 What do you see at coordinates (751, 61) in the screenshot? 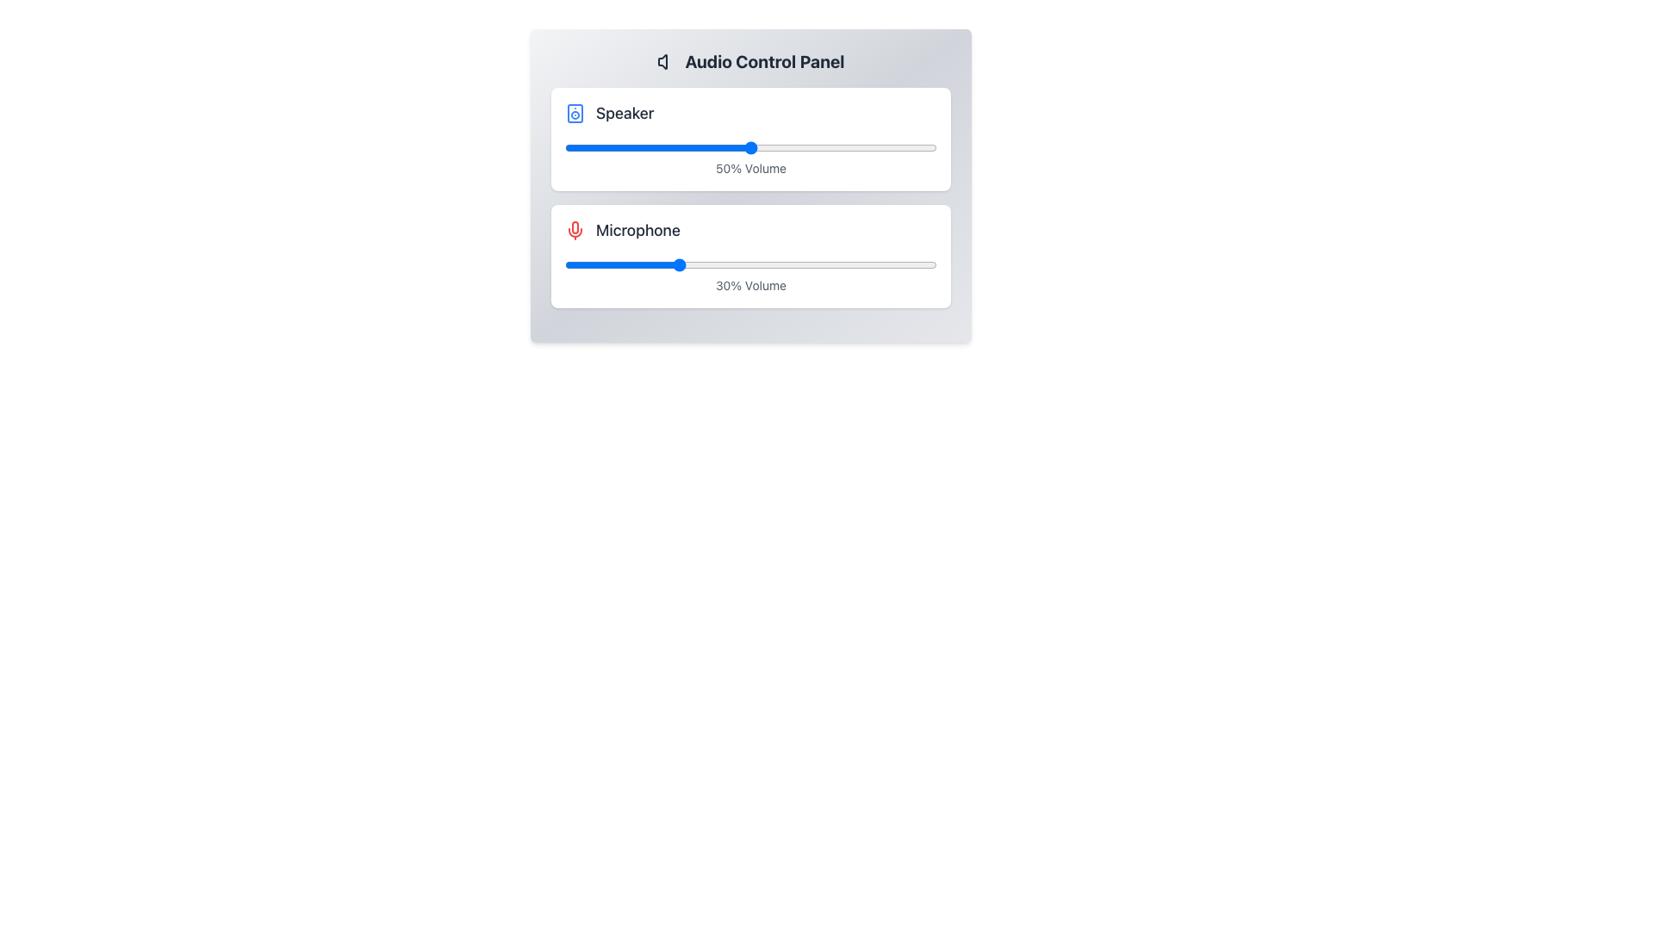
I see `the text label displaying 'Audio Control Panel' which is styled in bold and centered font, located at the top of its light gray header area, aligned with a volume or speaker icon on its left` at bounding box center [751, 61].